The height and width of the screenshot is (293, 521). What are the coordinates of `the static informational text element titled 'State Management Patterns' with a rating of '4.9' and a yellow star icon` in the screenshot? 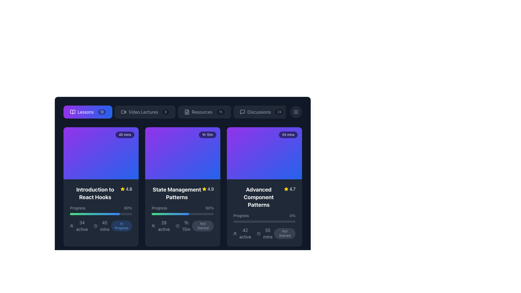 It's located at (183, 193).